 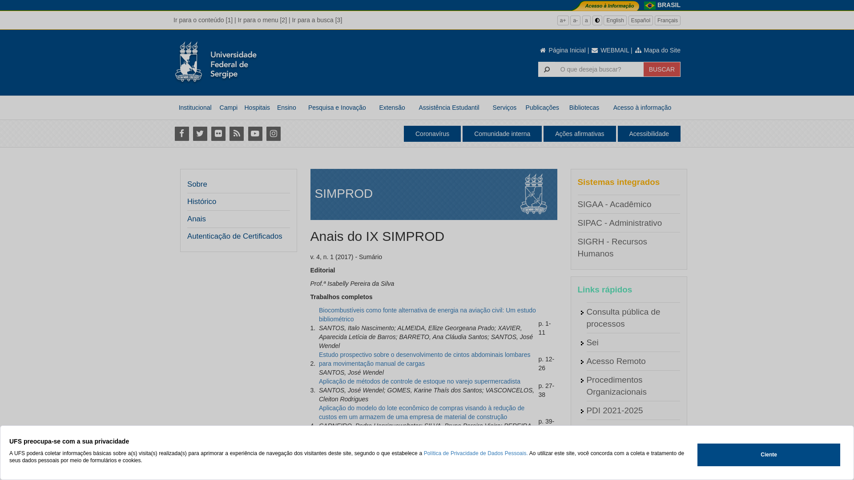 I want to click on 'Institucional', so click(x=173, y=107).